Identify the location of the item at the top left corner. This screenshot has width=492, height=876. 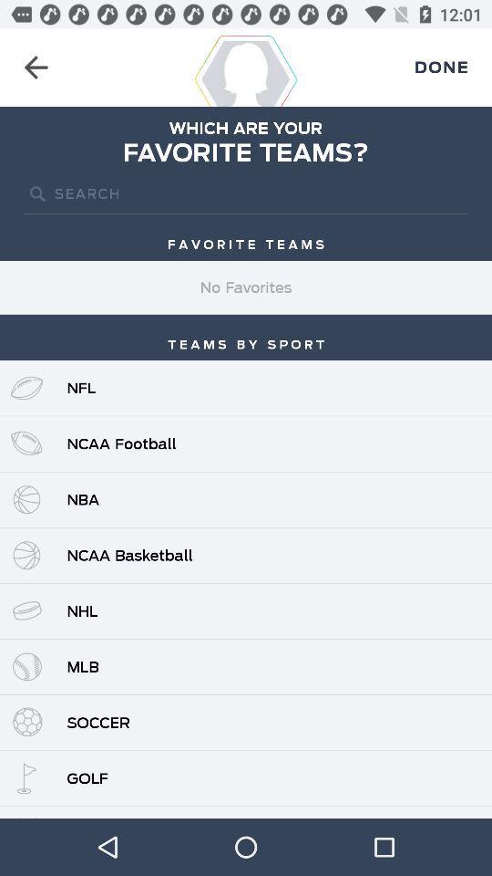
(36, 68).